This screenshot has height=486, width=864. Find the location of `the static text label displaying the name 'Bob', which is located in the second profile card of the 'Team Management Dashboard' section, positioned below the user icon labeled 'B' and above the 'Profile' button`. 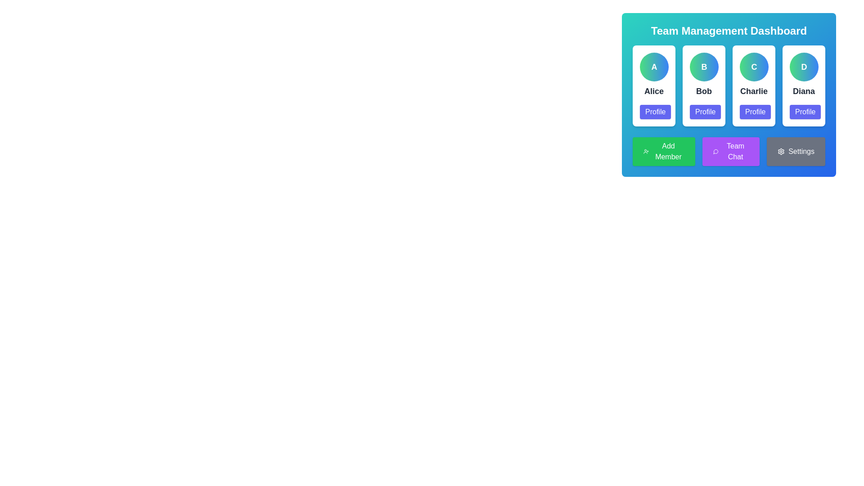

the static text label displaying the name 'Bob', which is located in the second profile card of the 'Team Management Dashboard' section, positioned below the user icon labeled 'B' and above the 'Profile' button is located at coordinates (703, 91).